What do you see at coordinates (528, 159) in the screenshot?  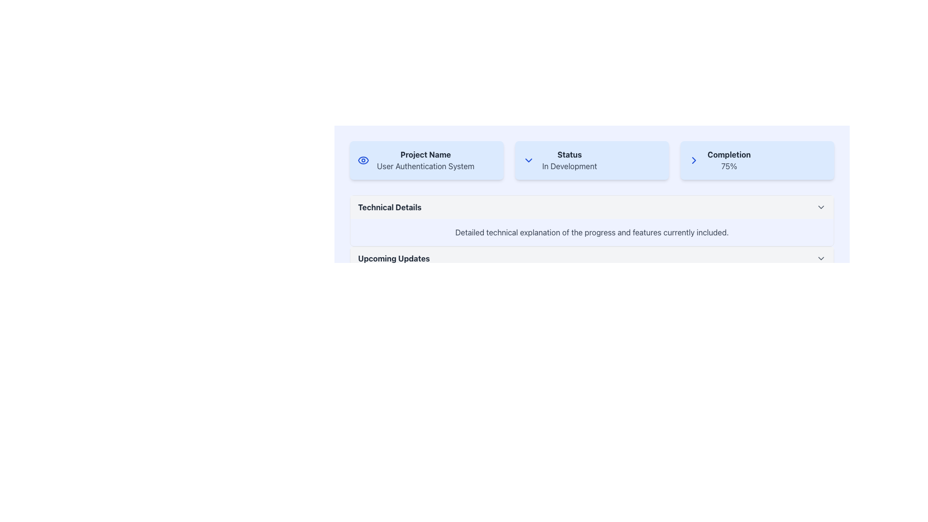 I see `the dropdown toggle icon located at the top-left corner of the section preceding the 'Status' and 'In Development' text` at bounding box center [528, 159].